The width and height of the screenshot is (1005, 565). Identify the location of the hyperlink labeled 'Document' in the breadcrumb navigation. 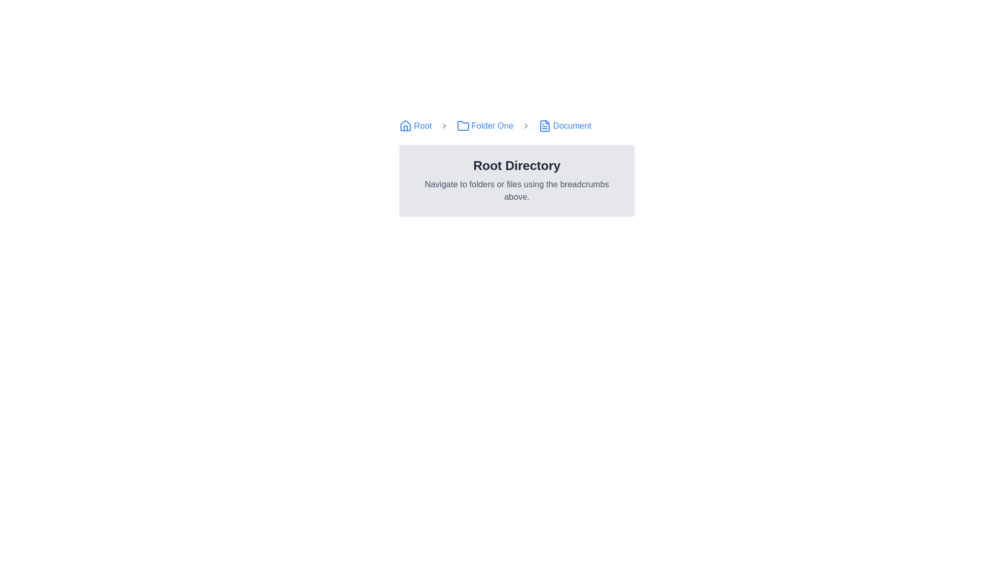
(564, 125).